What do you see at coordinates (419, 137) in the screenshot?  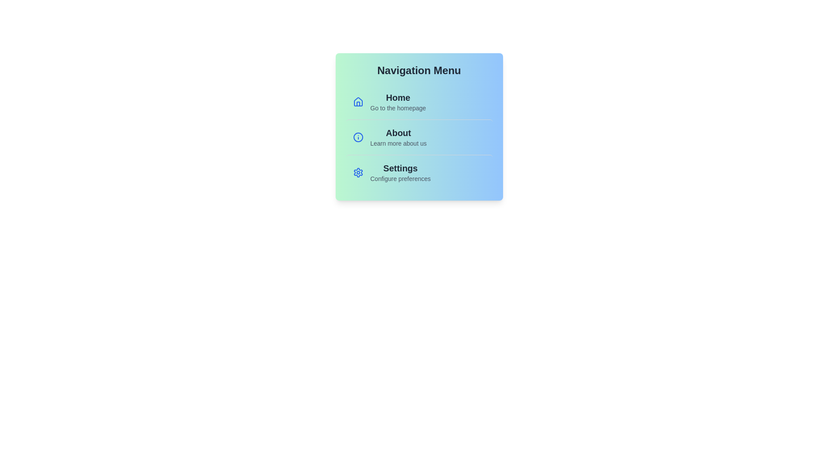 I see `the menu item labeled About to navigate to its corresponding page` at bounding box center [419, 137].